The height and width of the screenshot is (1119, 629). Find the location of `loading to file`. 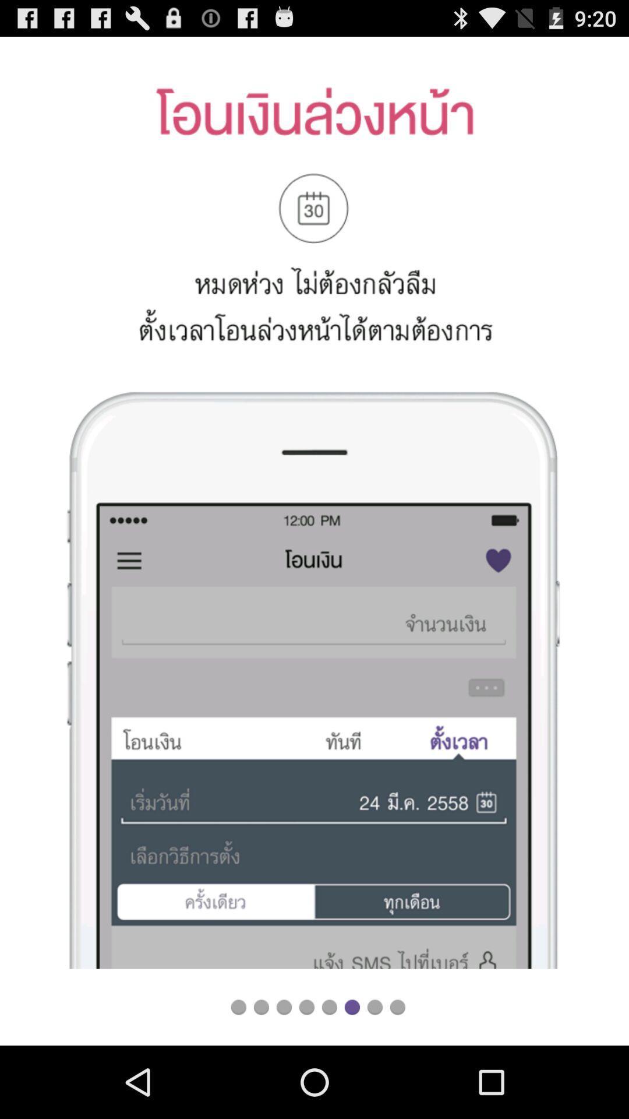

loading to file is located at coordinates (306, 1007).